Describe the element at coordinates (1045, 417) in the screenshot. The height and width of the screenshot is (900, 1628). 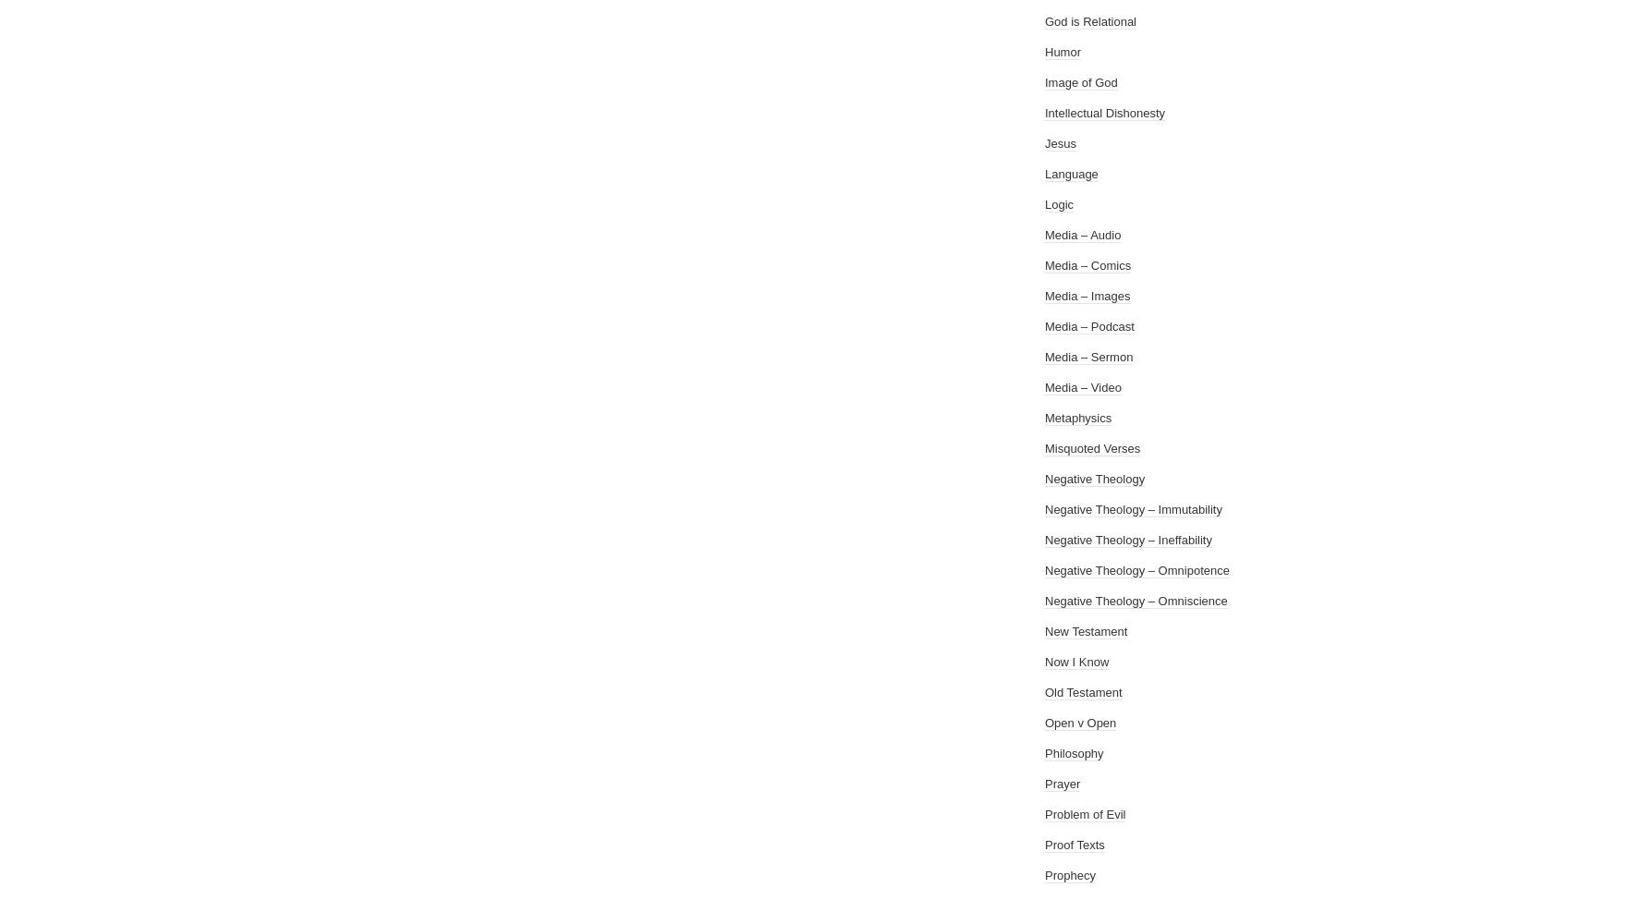
I see `'Metaphysics'` at that location.